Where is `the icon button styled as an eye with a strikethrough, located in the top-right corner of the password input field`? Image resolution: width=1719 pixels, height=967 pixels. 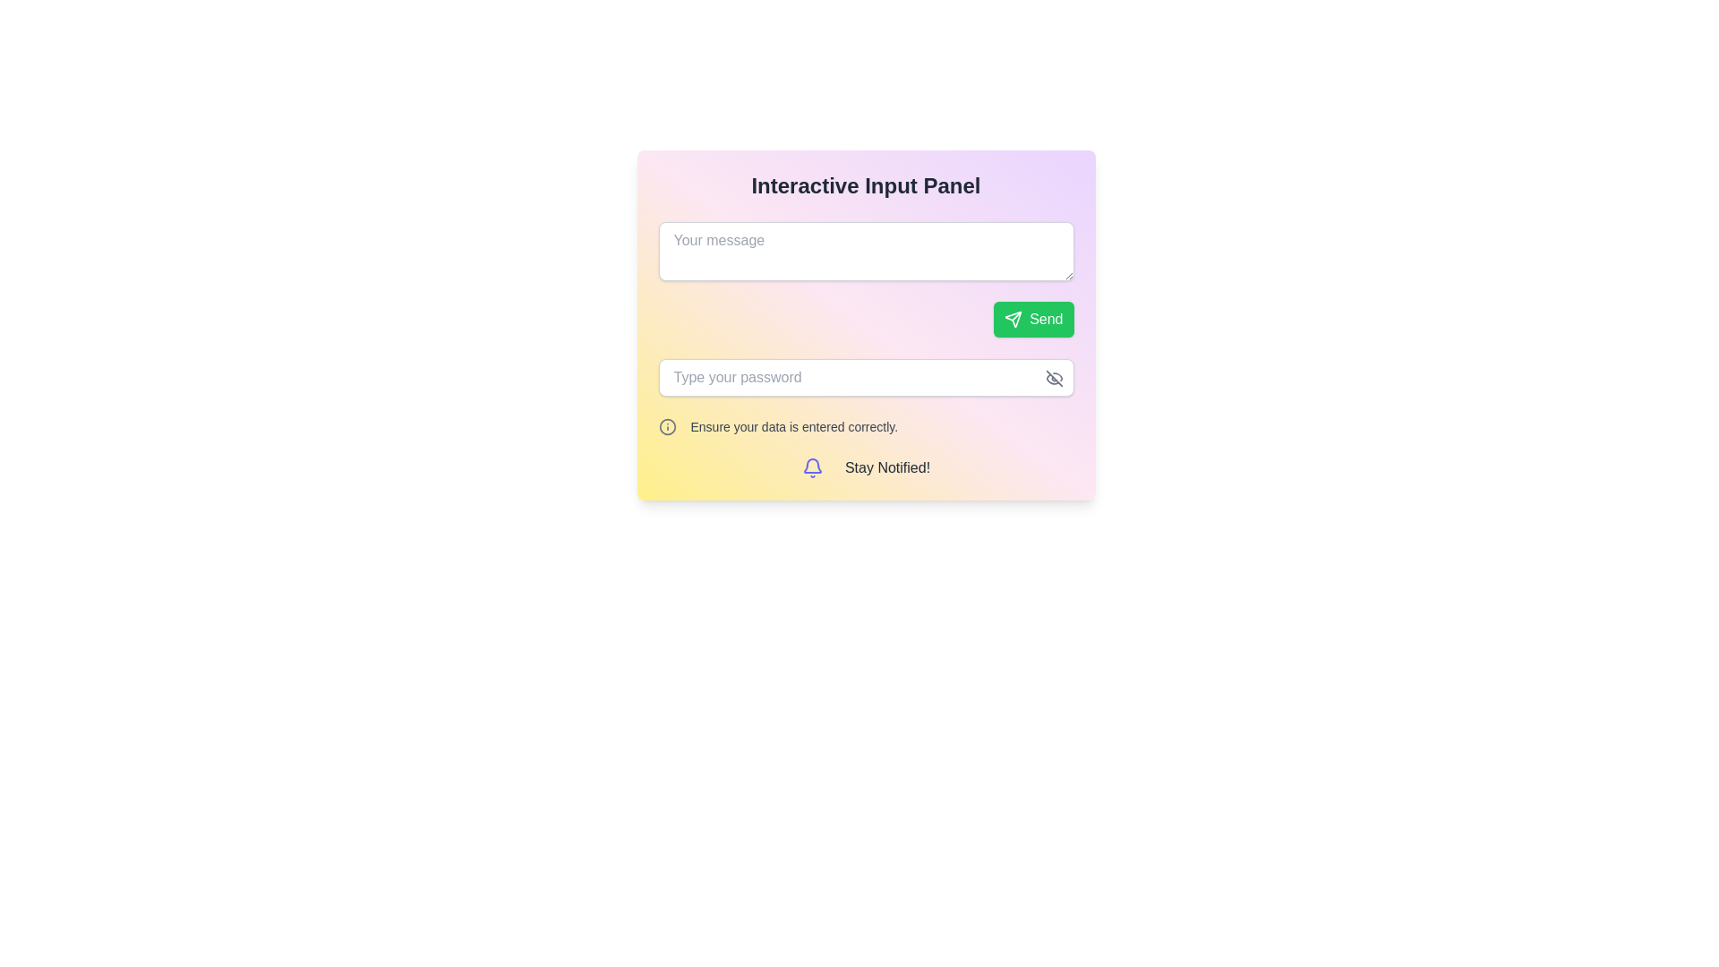
the icon button styled as an eye with a strikethrough, located in the top-right corner of the password input field is located at coordinates (1054, 378).